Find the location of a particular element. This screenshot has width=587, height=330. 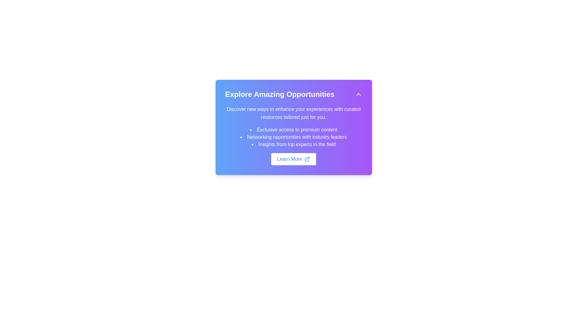

the hyperlink button located at the bottom of the content card that redirects users to a resource page for further information is located at coordinates (293, 159).